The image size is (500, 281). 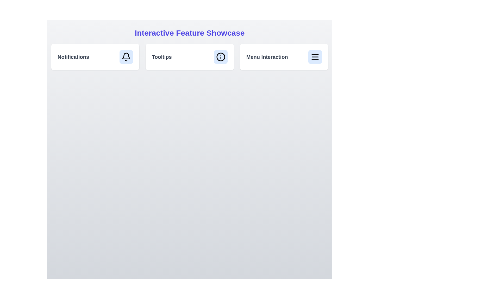 What do you see at coordinates (221, 57) in the screenshot?
I see `the information icon located in the center region of the 'Tooltip' section, which is part of the icon group within the second card of the topmost panel` at bounding box center [221, 57].